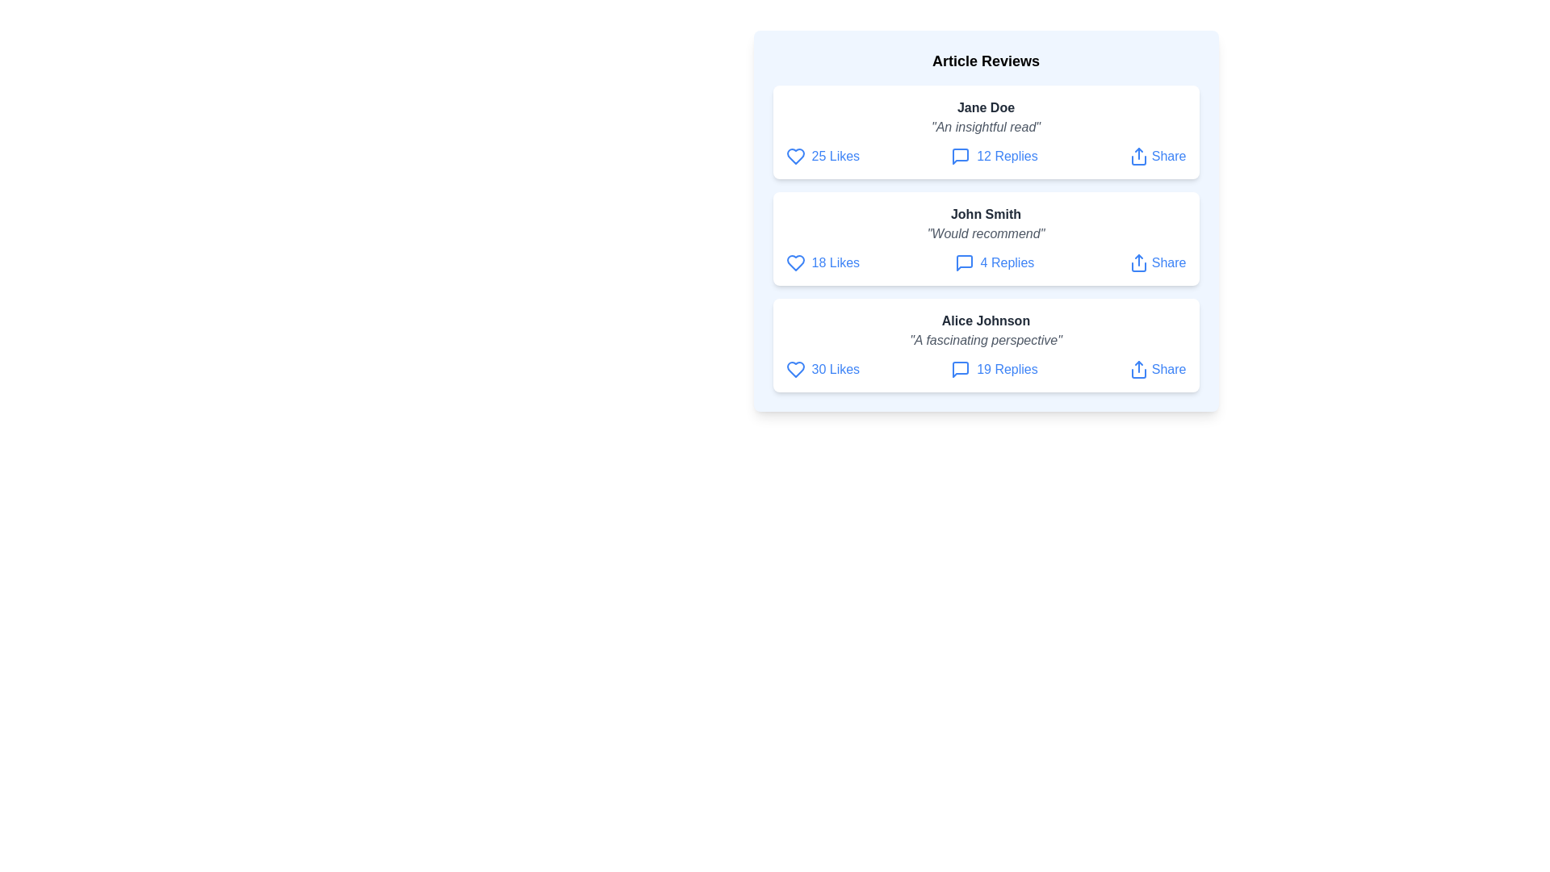 The image size is (1550, 872). What do you see at coordinates (993, 262) in the screenshot?
I see `the replies button for the review by John Smith` at bounding box center [993, 262].